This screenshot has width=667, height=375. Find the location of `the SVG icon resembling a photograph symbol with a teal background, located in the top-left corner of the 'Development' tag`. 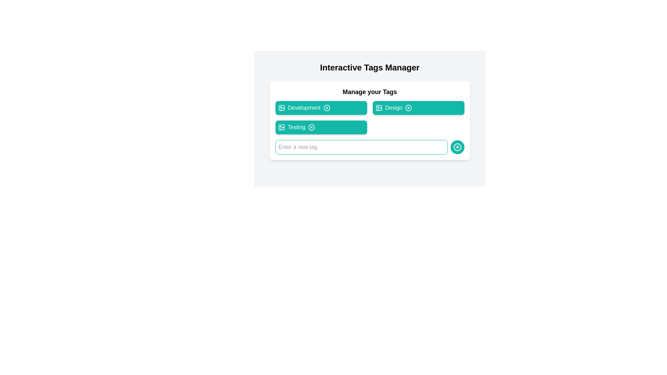

the SVG icon resembling a photograph symbol with a teal background, located in the top-left corner of the 'Development' tag is located at coordinates (281, 108).